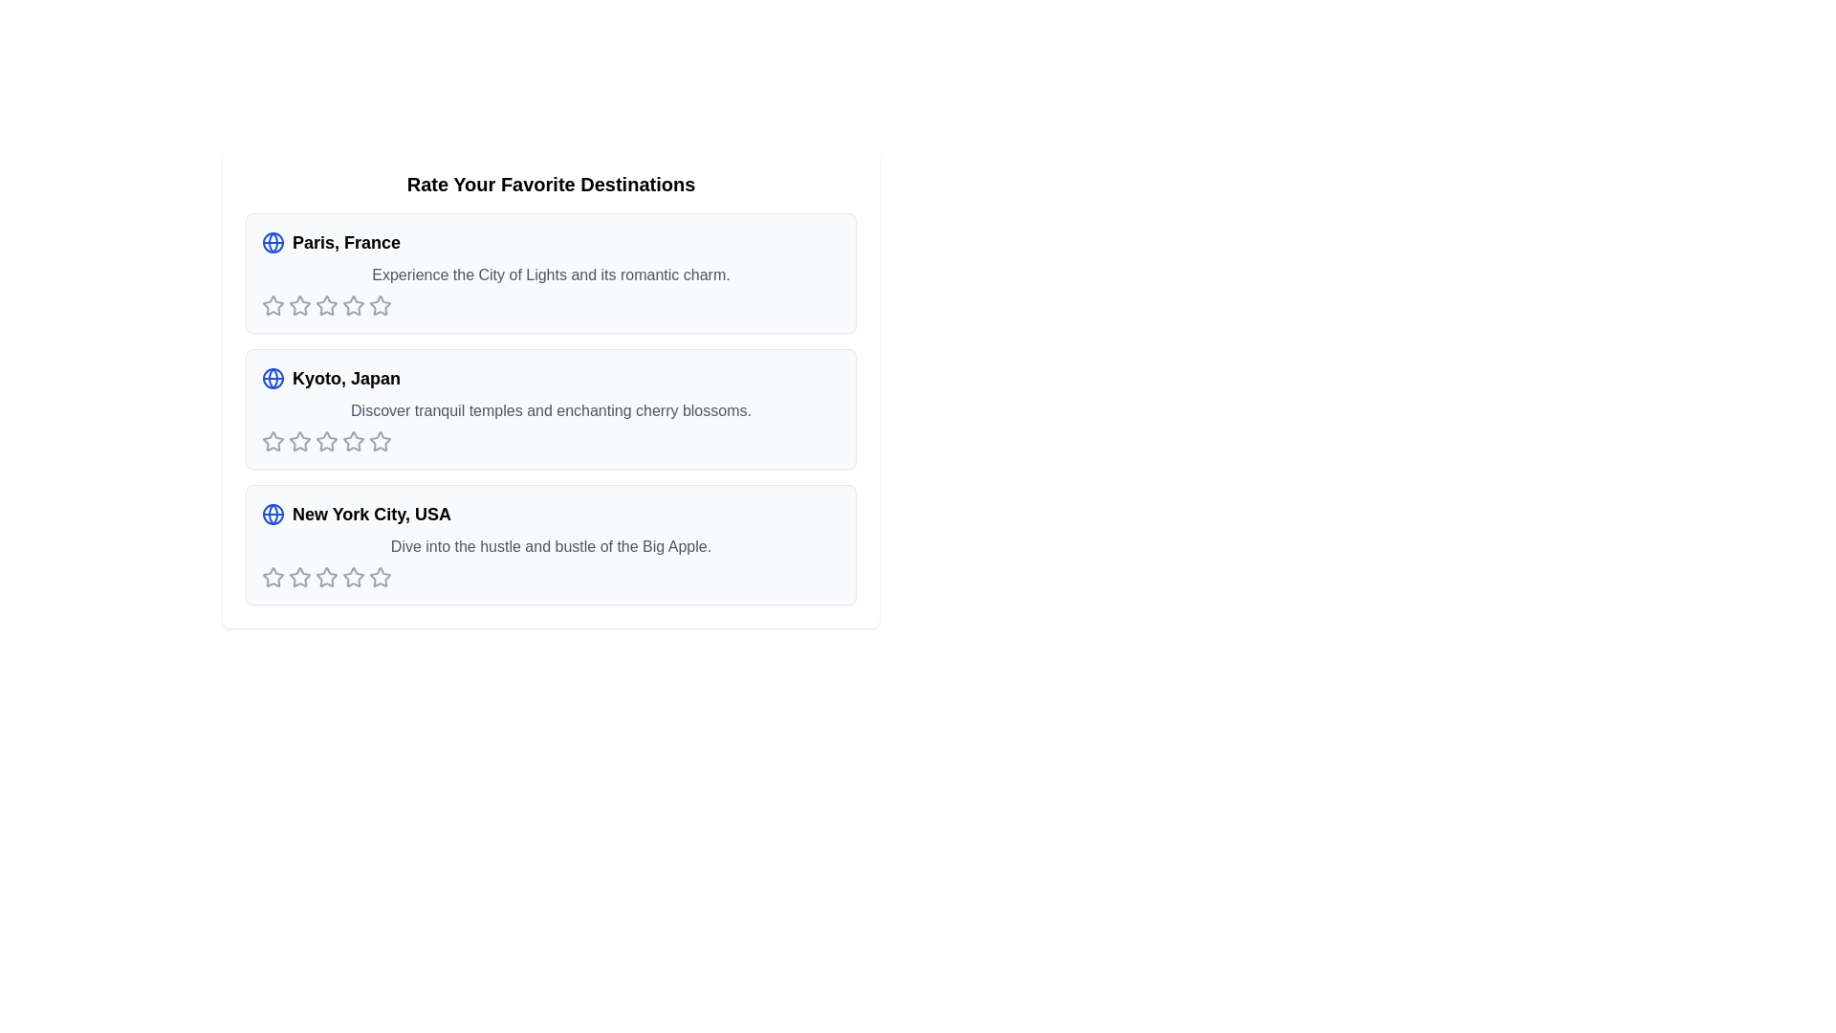  What do you see at coordinates (273, 442) in the screenshot?
I see `the first star icon for rating under the text description for 'Kyoto, Japan'` at bounding box center [273, 442].